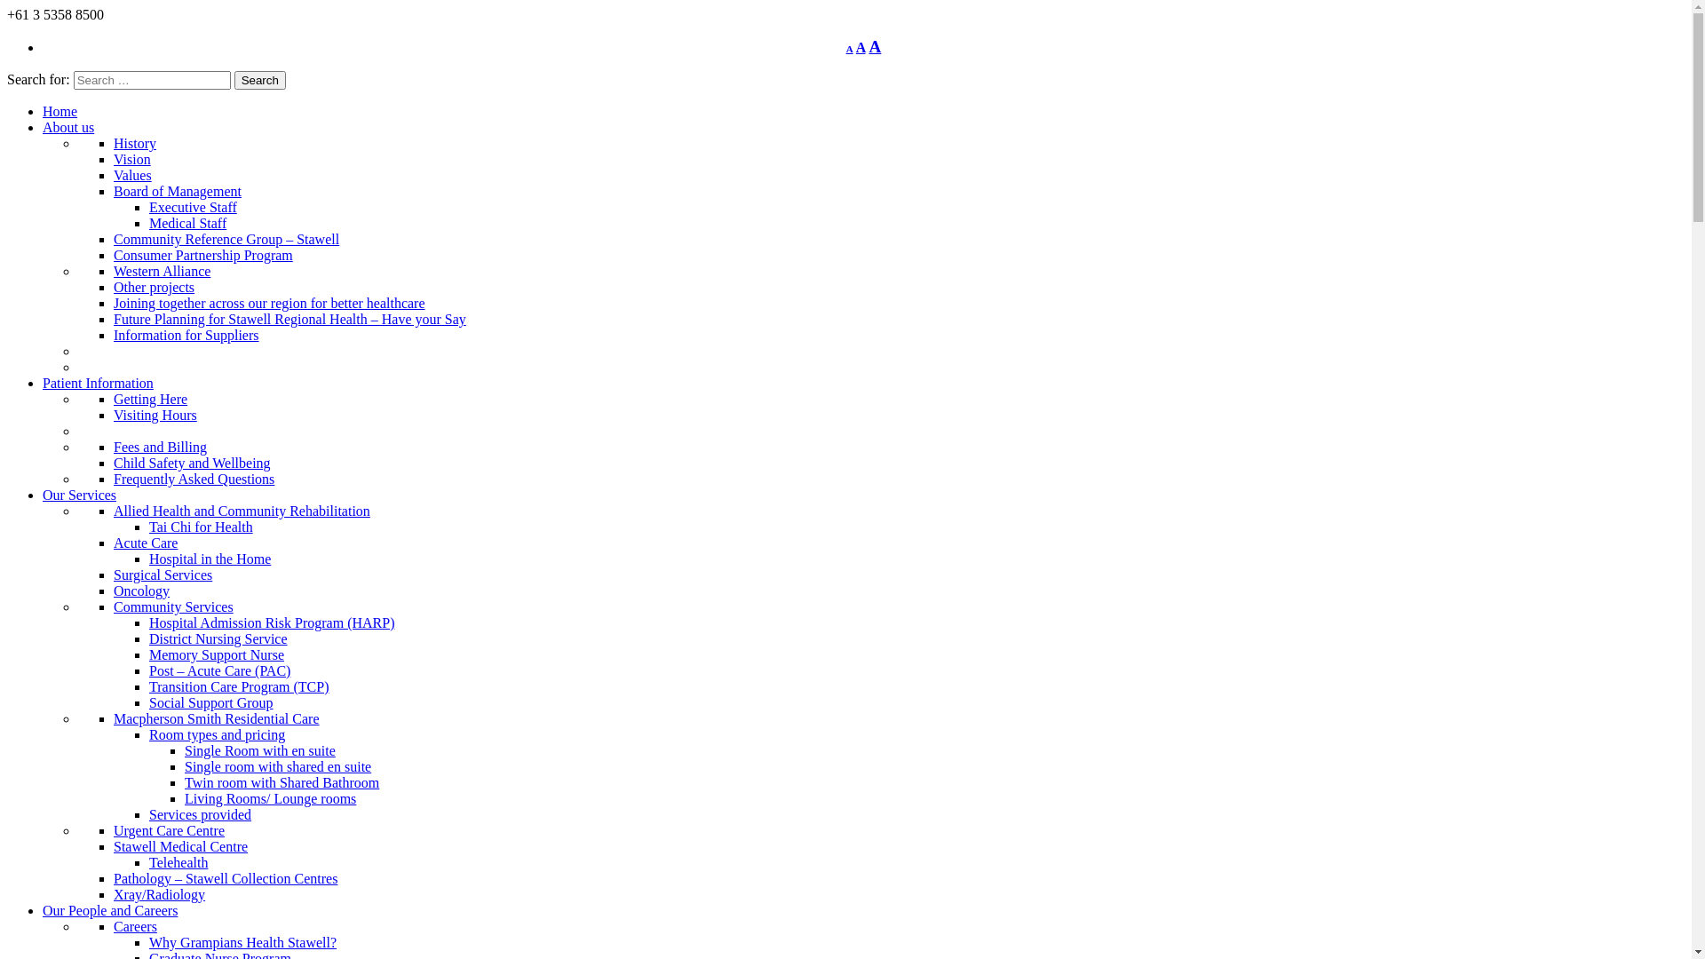  Describe the element at coordinates (149, 941) in the screenshot. I see `'Why Grampians Health Stawell?'` at that location.